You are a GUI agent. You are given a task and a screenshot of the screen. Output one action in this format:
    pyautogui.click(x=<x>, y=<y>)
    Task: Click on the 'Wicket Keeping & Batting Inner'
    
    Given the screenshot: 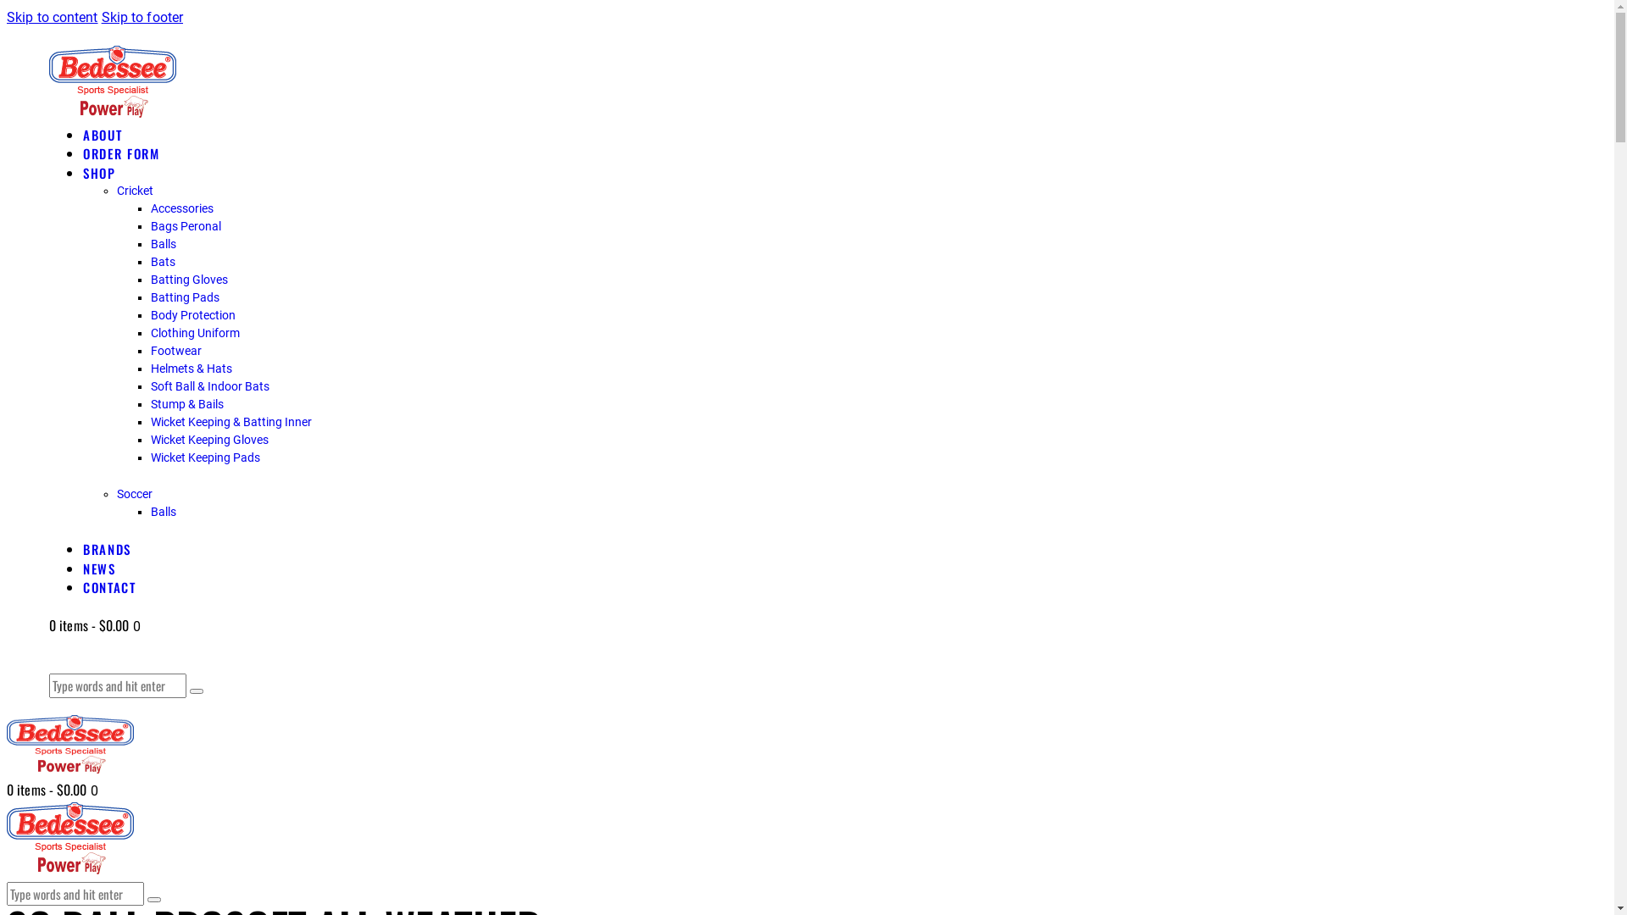 What is the action you would take?
    pyautogui.click(x=230, y=420)
    